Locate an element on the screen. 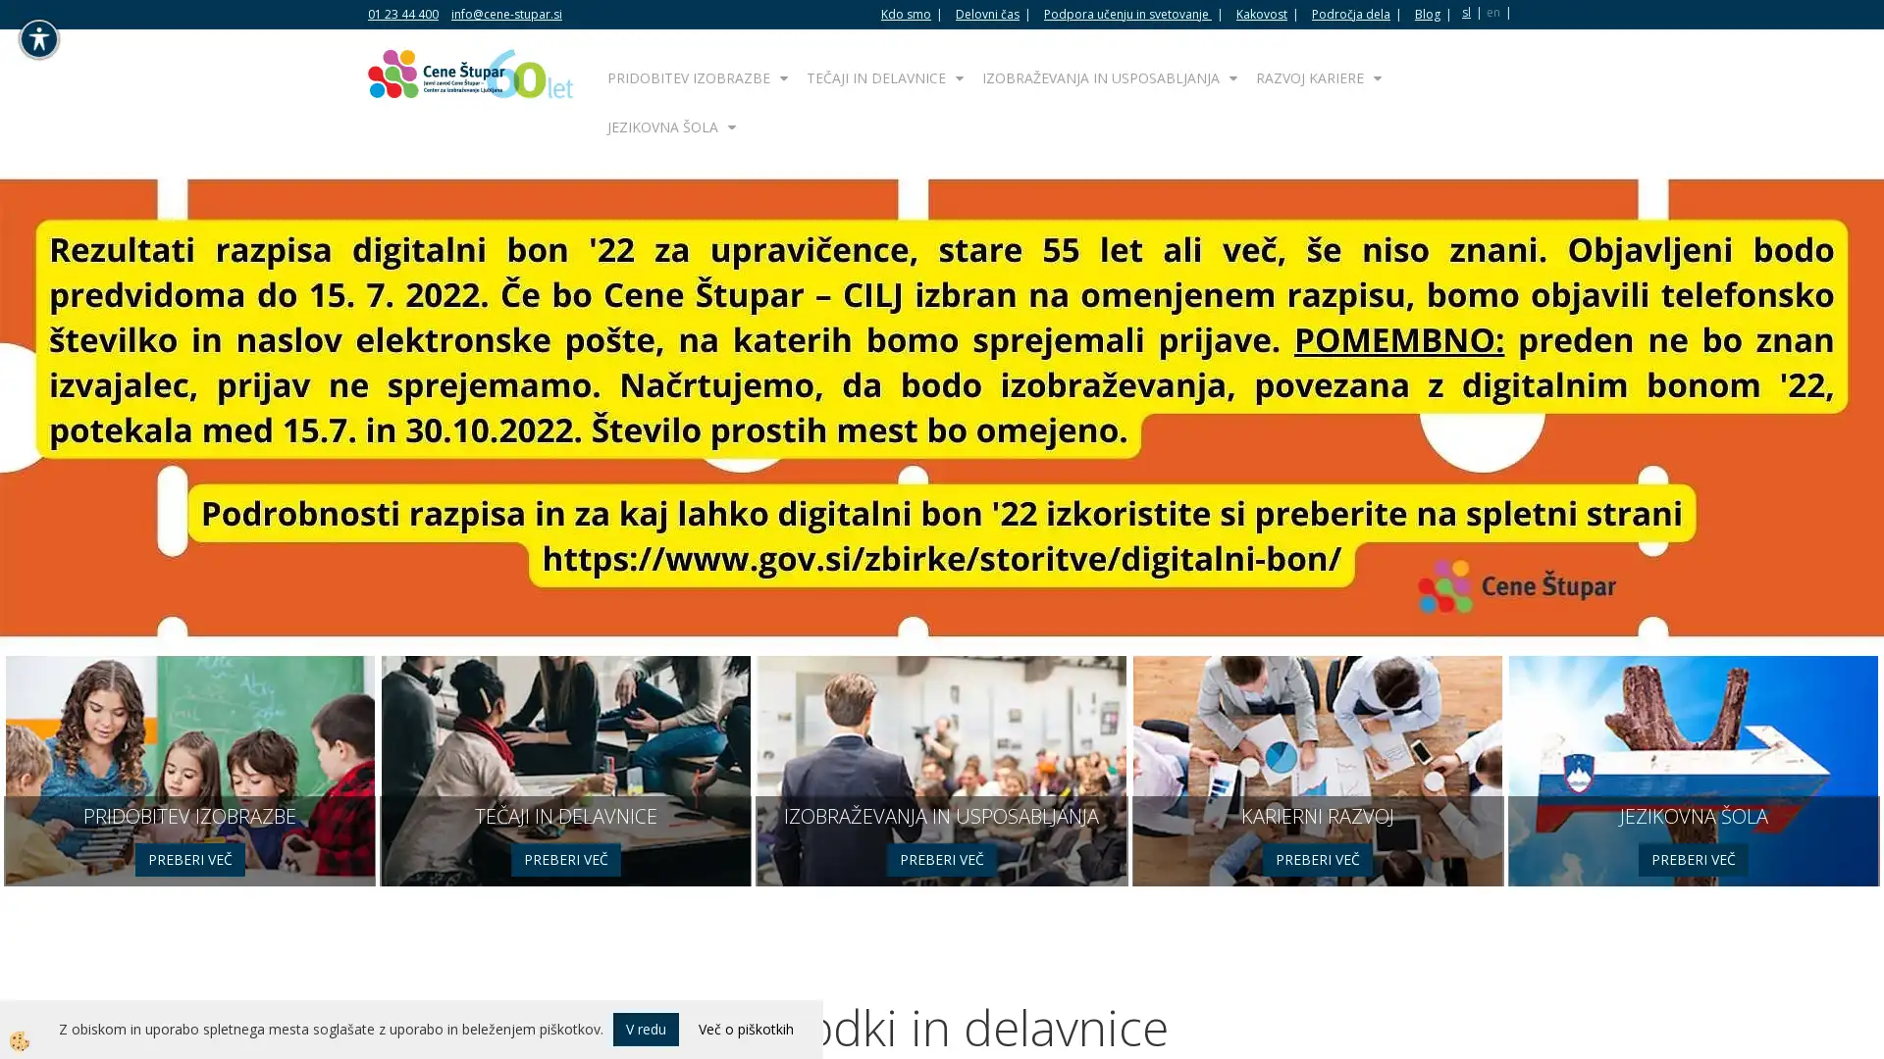 Image resolution: width=1884 pixels, height=1059 pixels. Prijava is located at coordinates (942, 711).